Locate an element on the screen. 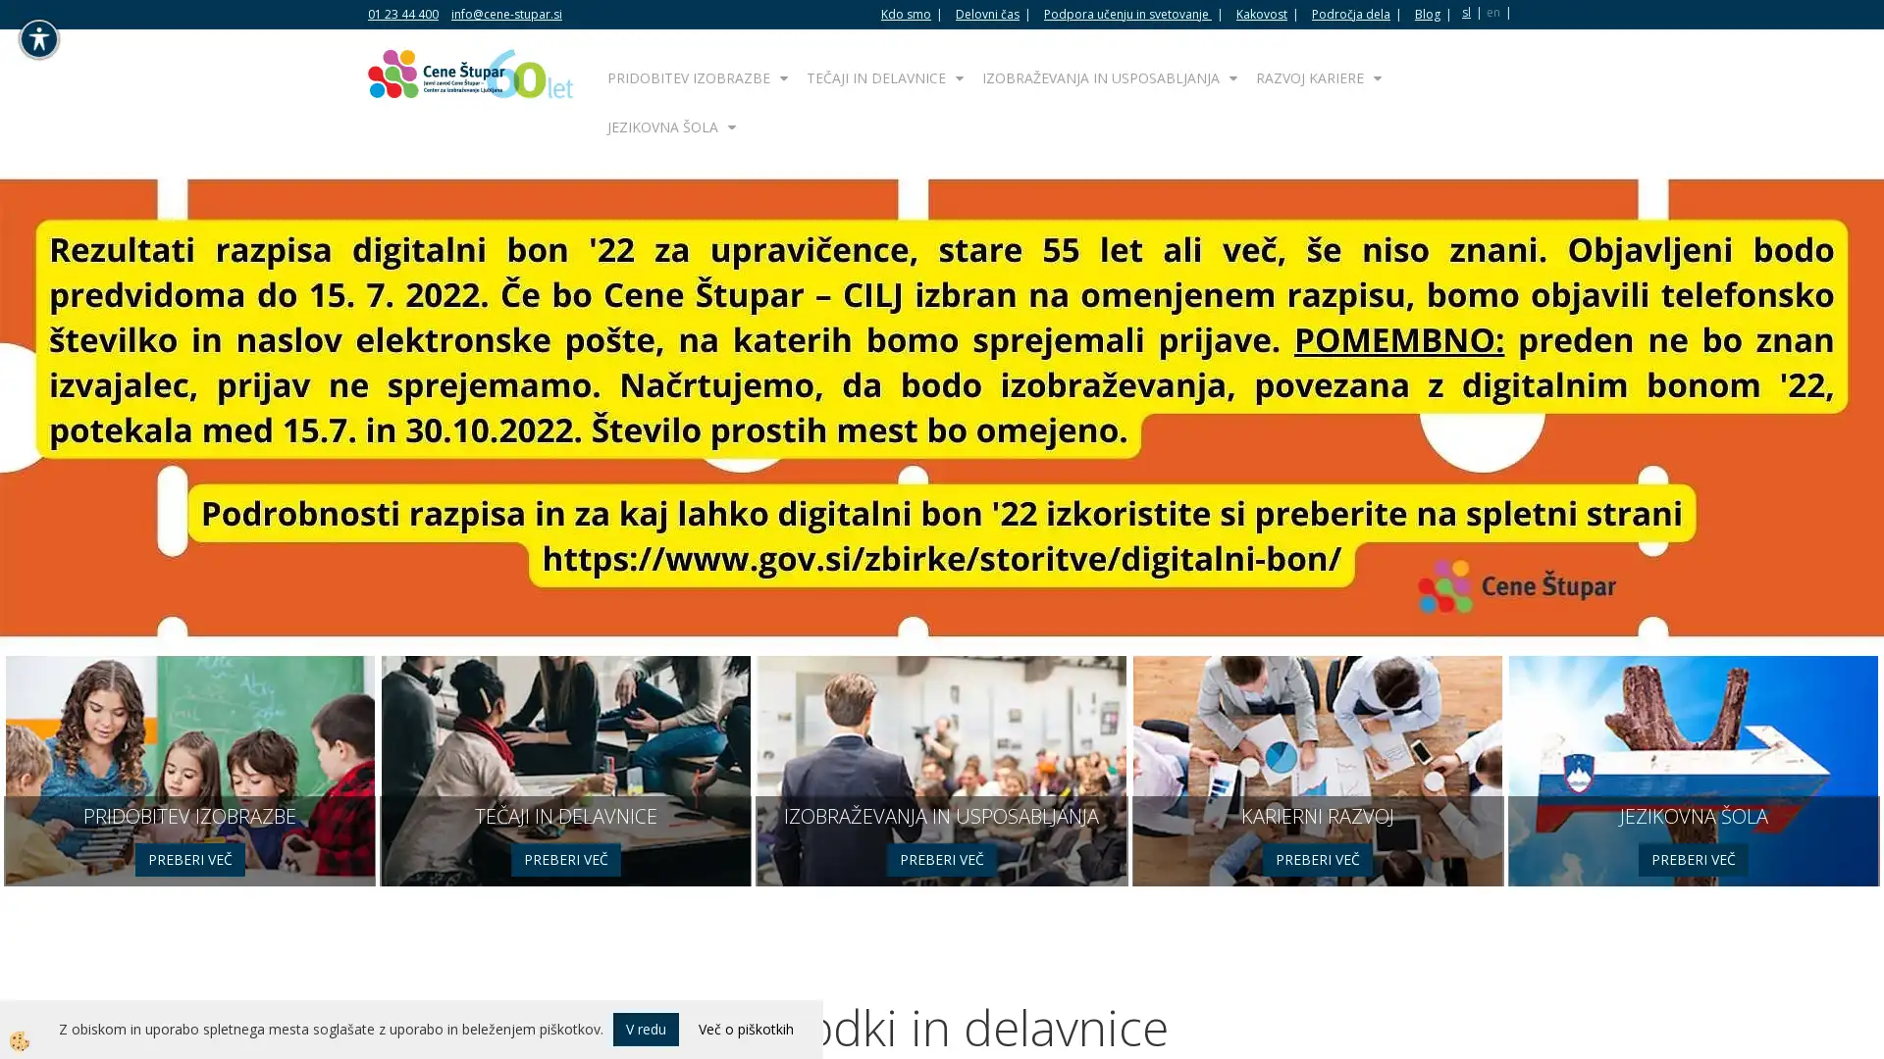 Image resolution: width=1884 pixels, height=1059 pixels. Prijava is located at coordinates (942, 711).